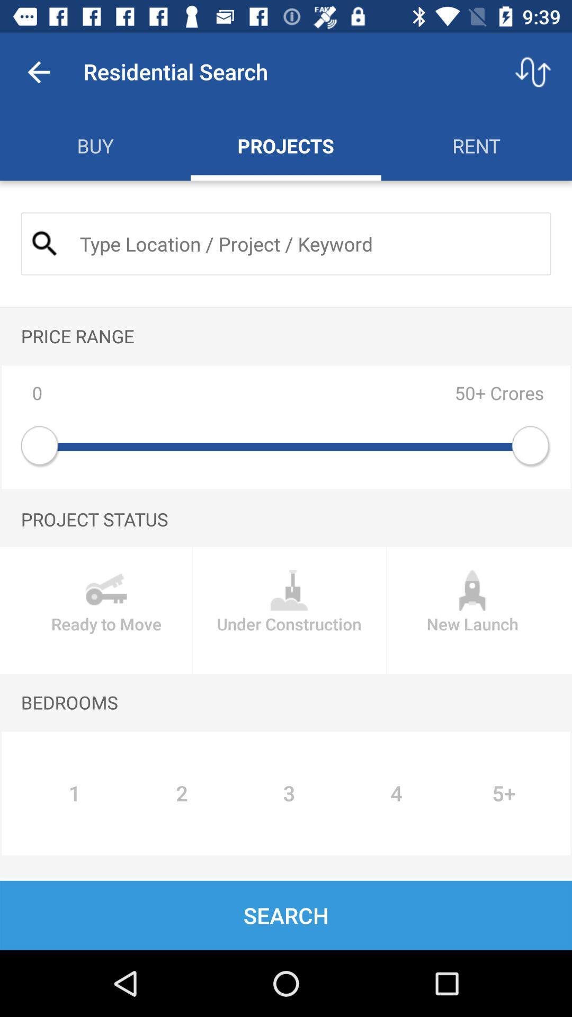 The height and width of the screenshot is (1017, 572). What do you see at coordinates (38, 72) in the screenshot?
I see `icon above the buy item` at bounding box center [38, 72].